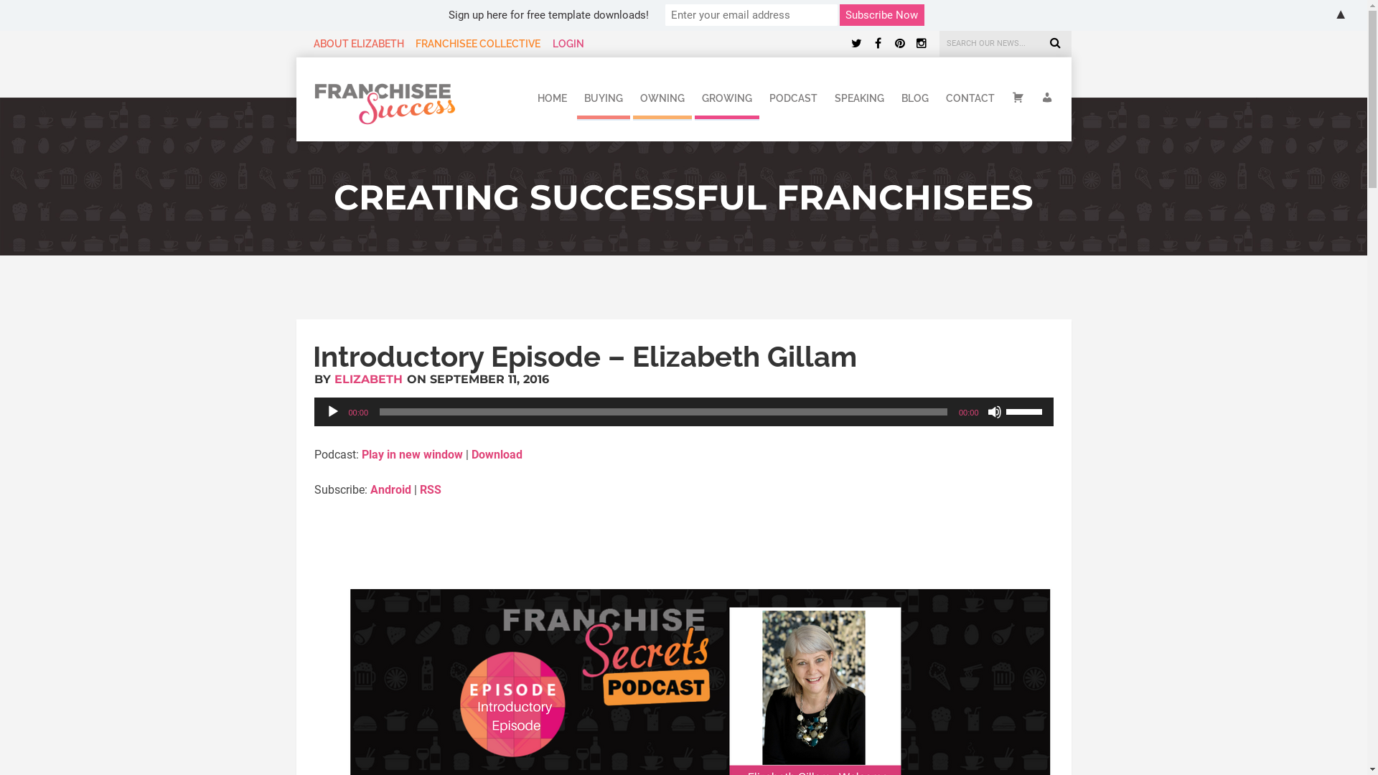 The image size is (1378, 775). Describe the element at coordinates (603, 95) in the screenshot. I see `'BUYING'` at that location.